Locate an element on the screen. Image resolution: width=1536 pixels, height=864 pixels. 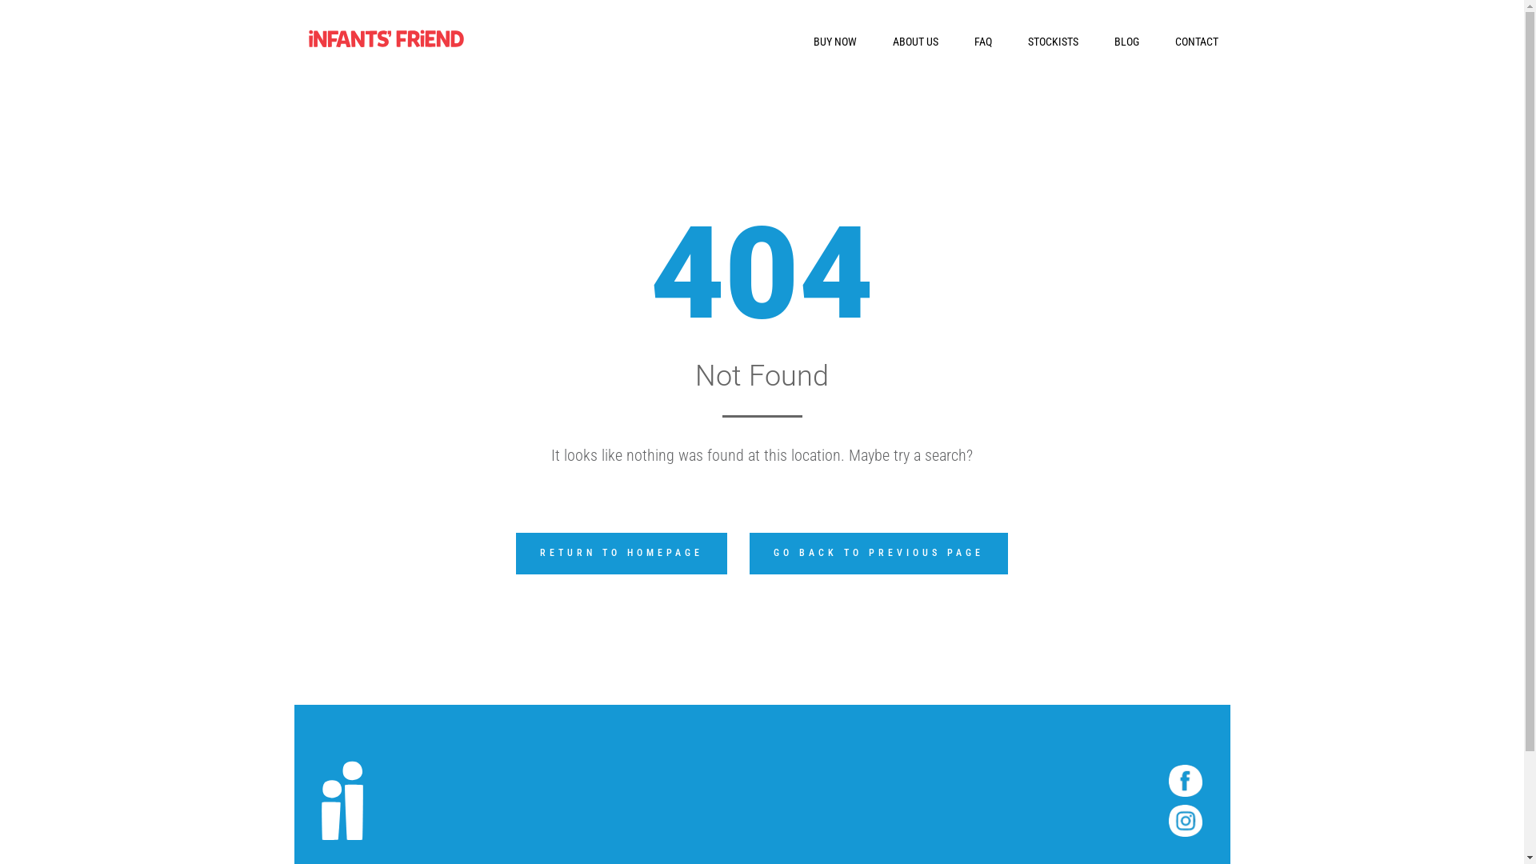
'STOCKISTS' is located at coordinates (1052, 40).